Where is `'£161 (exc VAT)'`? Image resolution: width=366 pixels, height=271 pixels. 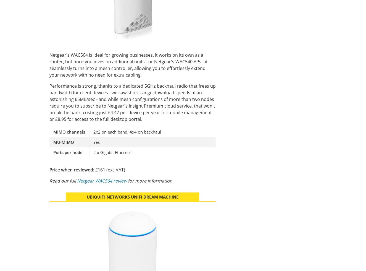 '£161 (exc VAT)' is located at coordinates (109, 169).